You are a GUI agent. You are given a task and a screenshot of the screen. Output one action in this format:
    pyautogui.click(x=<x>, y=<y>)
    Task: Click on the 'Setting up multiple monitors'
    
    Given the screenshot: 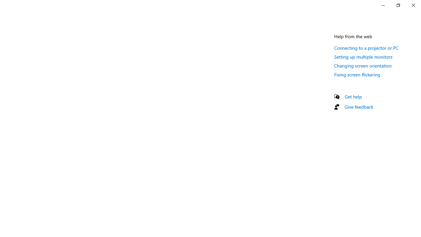 What is the action you would take?
    pyautogui.click(x=363, y=56)
    